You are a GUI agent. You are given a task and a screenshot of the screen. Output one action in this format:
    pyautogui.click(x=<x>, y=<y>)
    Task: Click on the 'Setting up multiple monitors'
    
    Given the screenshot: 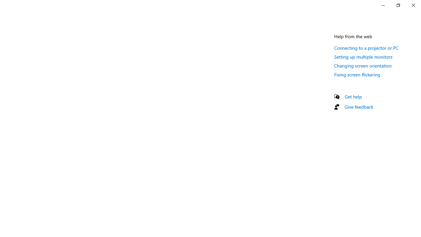 What is the action you would take?
    pyautogui.click(x=363, y=56)
    